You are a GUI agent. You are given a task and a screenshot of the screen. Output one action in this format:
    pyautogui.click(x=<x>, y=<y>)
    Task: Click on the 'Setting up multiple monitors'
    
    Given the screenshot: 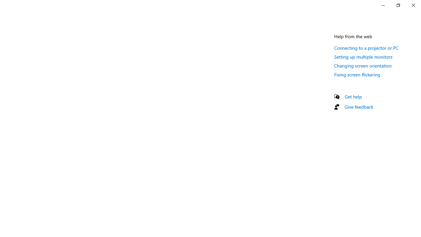 What is the action you would take?
    pyautogui.click(x=363, y=56)
    